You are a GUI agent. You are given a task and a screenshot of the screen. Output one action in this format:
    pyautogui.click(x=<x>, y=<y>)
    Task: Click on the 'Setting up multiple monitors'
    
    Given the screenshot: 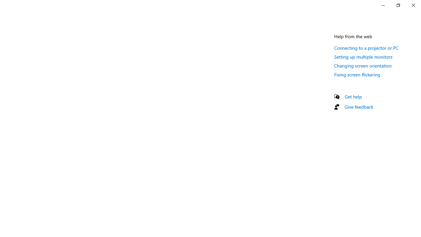 What is the action you would take?
    pyautogui.click(x=363, y=56)
    